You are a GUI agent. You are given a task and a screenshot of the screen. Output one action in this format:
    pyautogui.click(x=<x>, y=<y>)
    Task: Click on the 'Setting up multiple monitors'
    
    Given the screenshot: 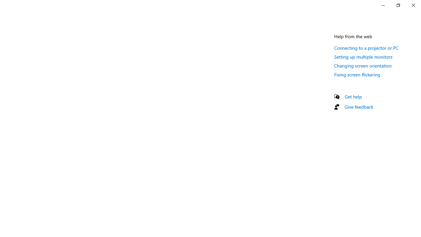 What is the action you would take?
    pyautogui.click(x=363, y=56)
    